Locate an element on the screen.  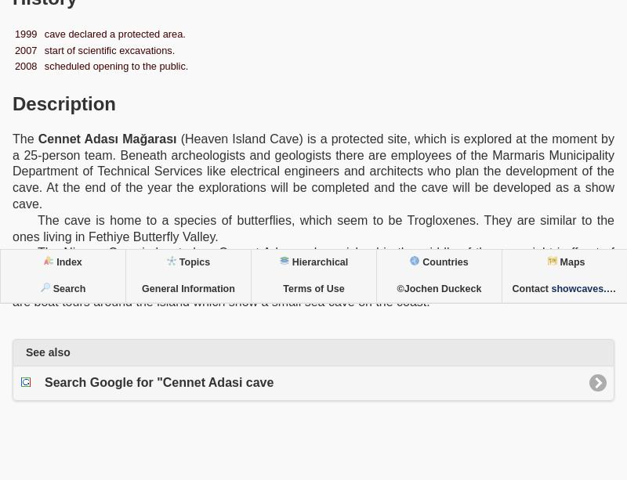
'1999' is located at coordinates (25, 33).